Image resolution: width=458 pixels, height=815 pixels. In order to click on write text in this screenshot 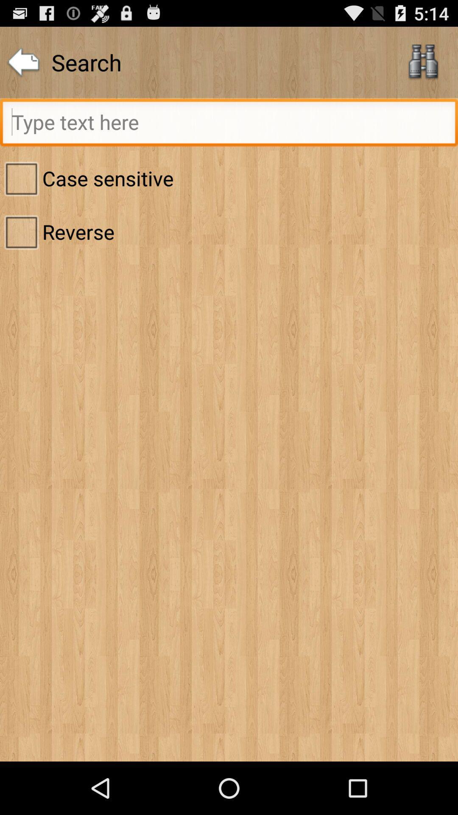, I will do `click(229, 124)`.